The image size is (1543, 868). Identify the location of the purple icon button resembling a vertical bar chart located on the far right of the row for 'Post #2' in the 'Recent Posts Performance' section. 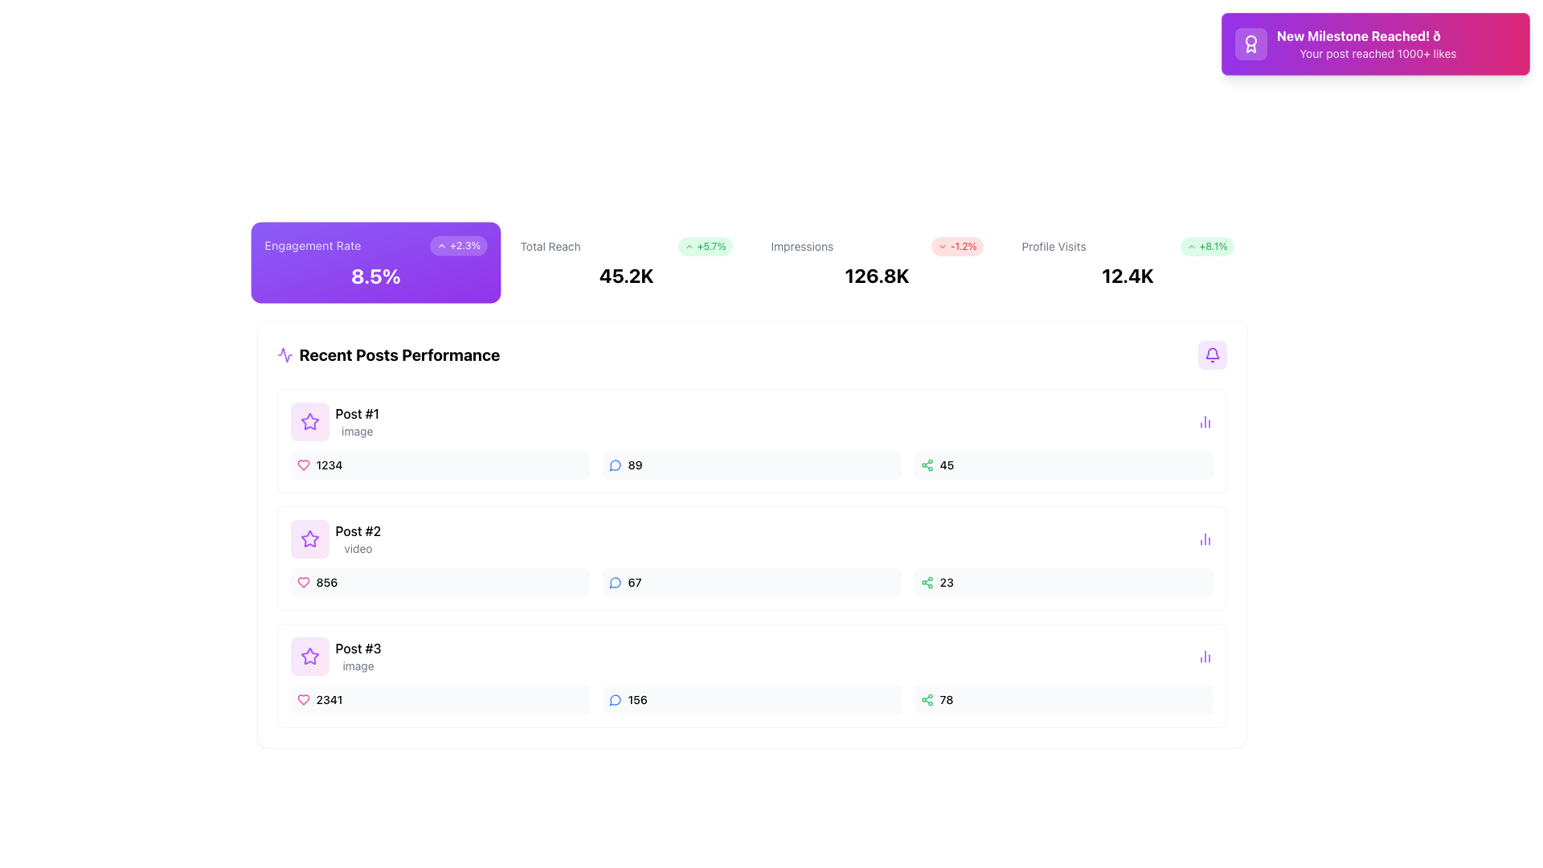
(1205, 539).